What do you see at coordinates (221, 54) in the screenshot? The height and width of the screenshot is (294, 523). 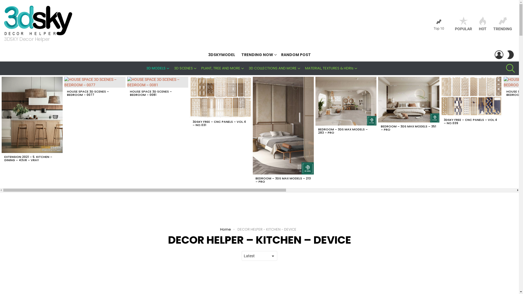 I see `'3DSKYMODEL'` at bounding box center [221, 54].